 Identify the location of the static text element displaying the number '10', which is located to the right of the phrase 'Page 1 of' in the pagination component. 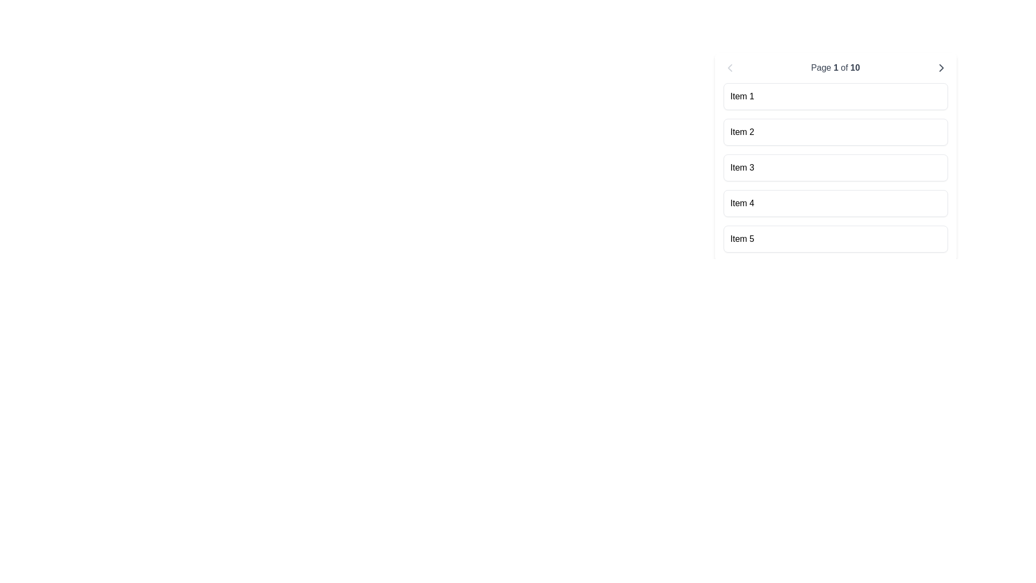
(854, 67).